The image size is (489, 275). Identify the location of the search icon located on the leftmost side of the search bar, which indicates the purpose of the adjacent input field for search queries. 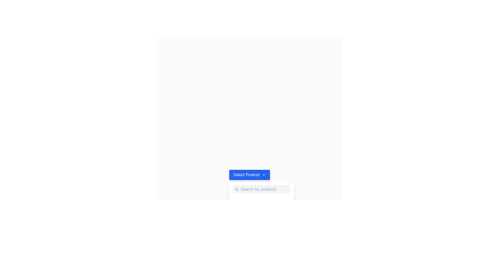
(237, 189).